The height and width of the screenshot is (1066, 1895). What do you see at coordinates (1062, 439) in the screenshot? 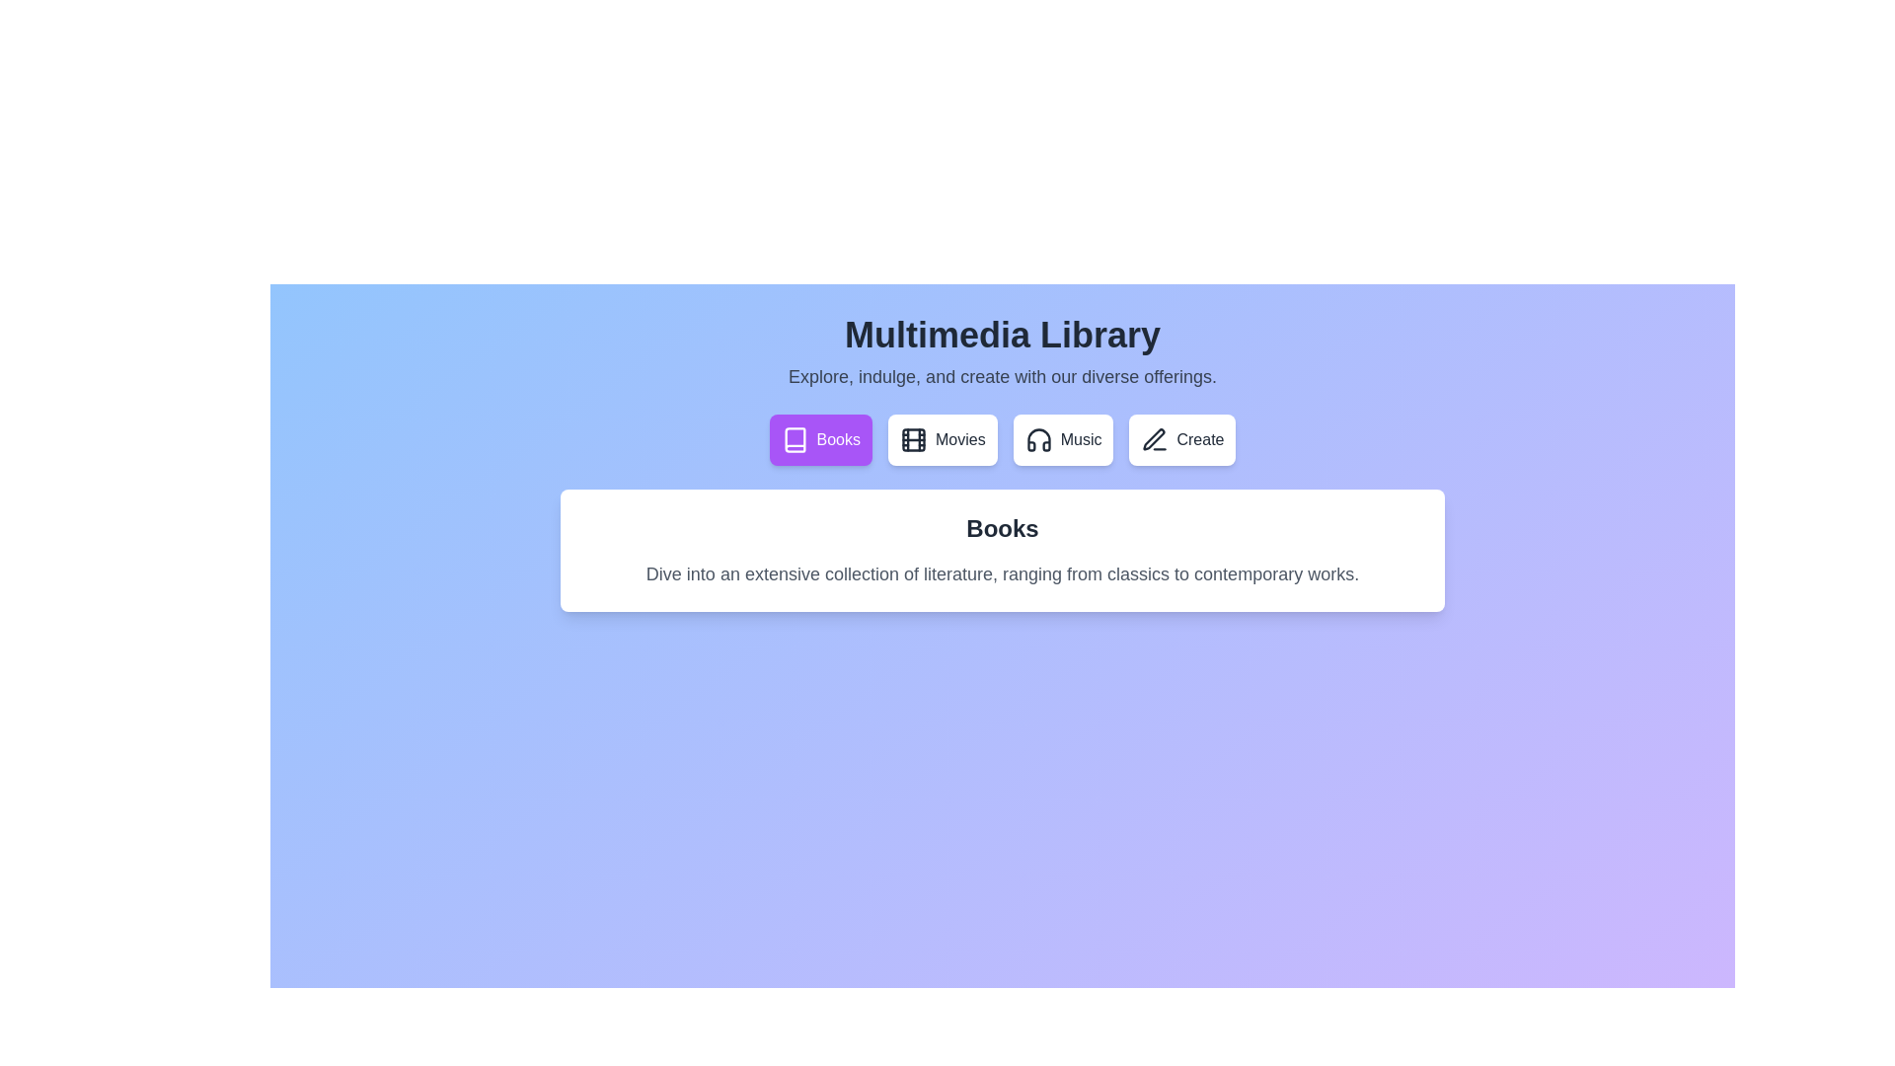
I see `the tab labeled Music to switch the displayed content` at bounding box center [1062, 439].